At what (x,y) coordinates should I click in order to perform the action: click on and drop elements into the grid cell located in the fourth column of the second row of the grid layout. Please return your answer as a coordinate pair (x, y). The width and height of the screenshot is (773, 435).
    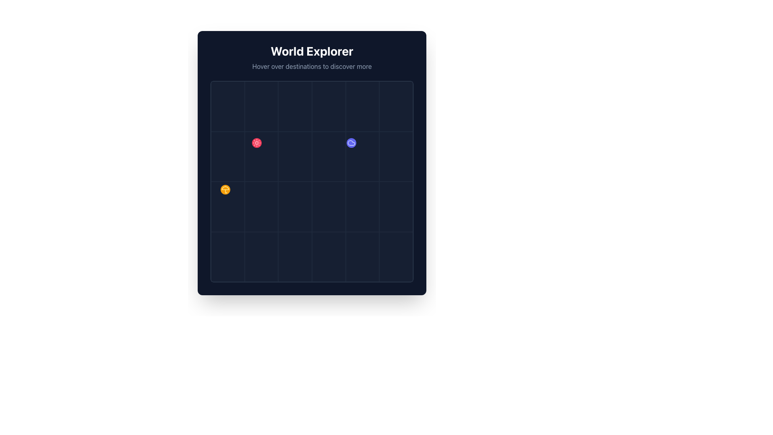
    Looking at the image, I should click on (329, 156).